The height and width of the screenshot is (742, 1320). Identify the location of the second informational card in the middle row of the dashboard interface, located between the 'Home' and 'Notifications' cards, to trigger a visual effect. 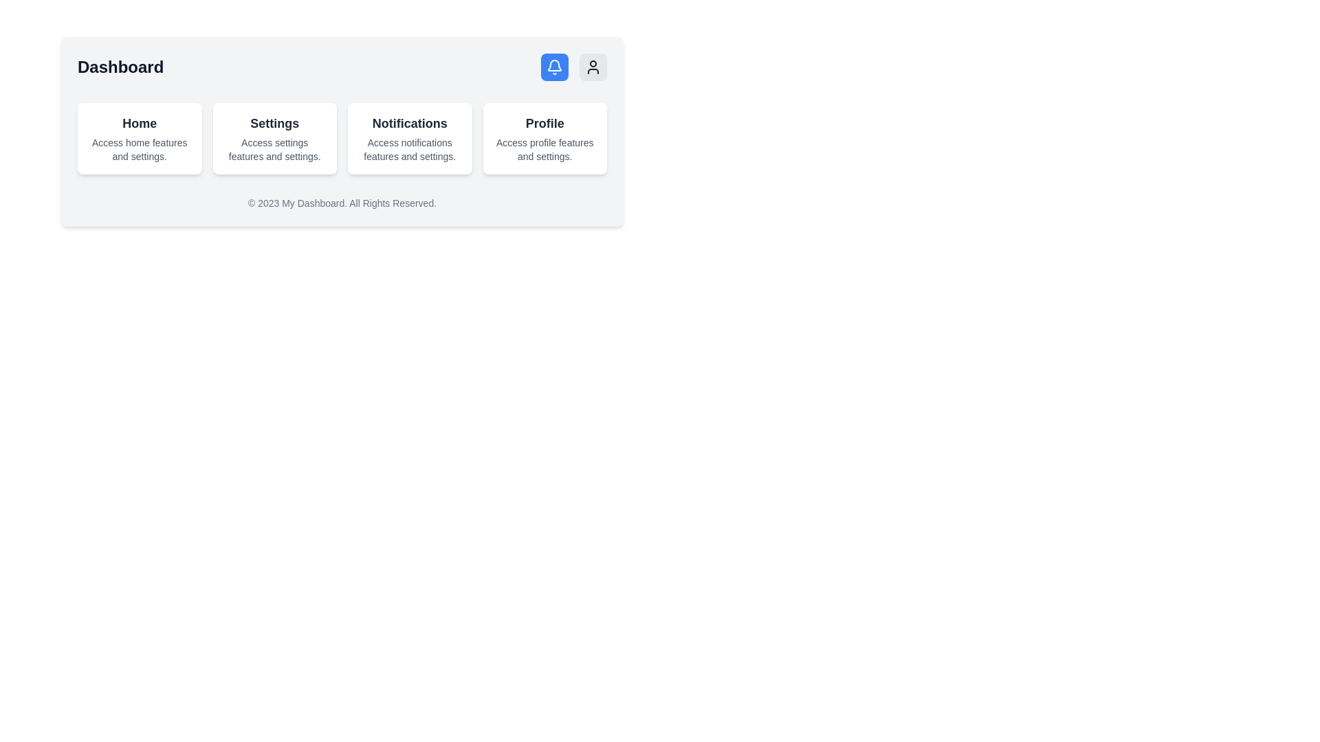
(274, 138).